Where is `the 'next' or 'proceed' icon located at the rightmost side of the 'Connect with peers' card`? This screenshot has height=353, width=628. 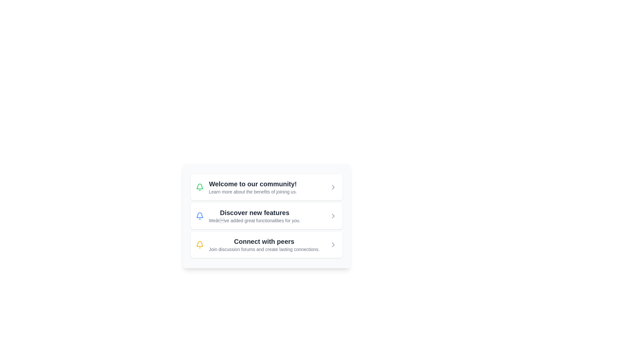 the 'next' or 'proceed' icon located at the rightmost side of the 'Connect with peers' card is located at coordinates (333, 244).